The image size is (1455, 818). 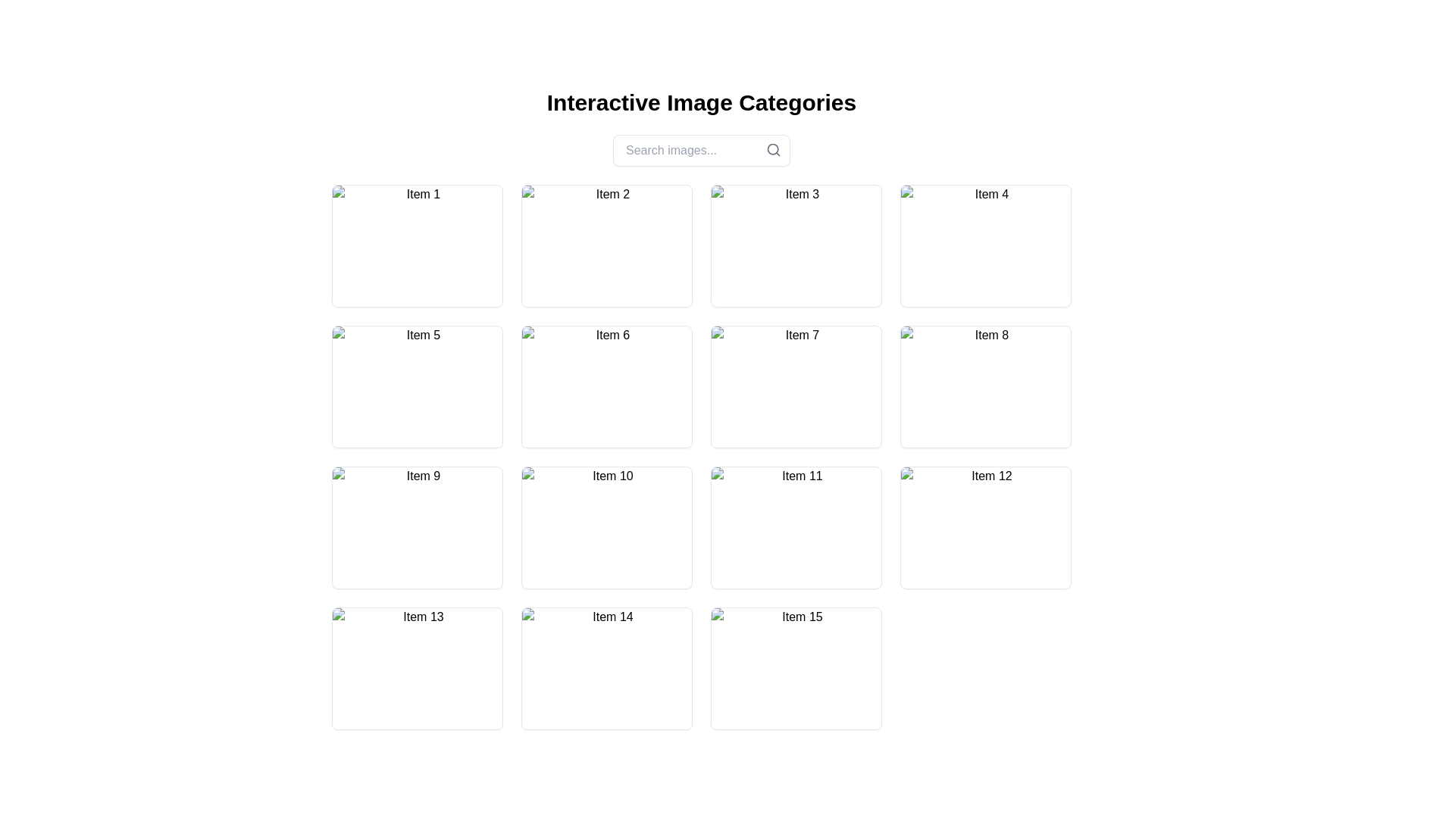 I want to click on the visual card displaying the caption 'Item 15', which is a rectangular card with a rounded border located in the last row, fourth column of the grid layout, so click(x=796, y=668).